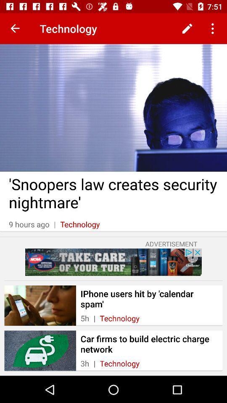 The height and width of the screenshot is (403, 227). Describe the element at coordinates (113, 262) in the screenshot. I see `advertasment` at that location.